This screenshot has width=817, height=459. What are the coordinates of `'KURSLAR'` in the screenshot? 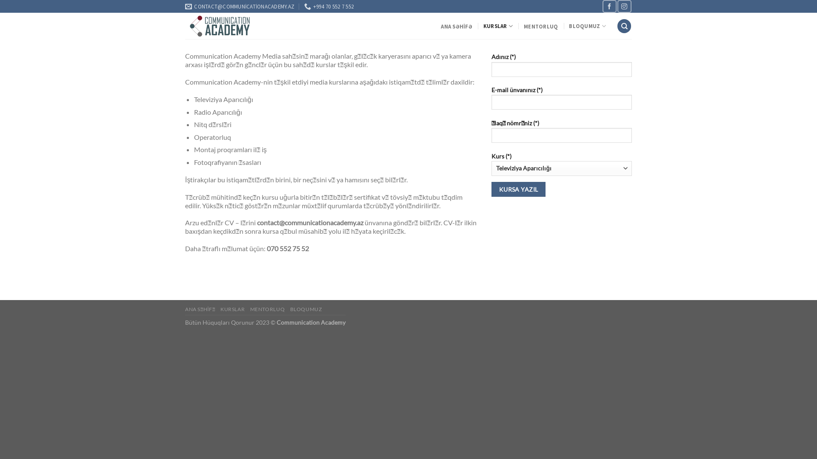 It's located at (498, 25).